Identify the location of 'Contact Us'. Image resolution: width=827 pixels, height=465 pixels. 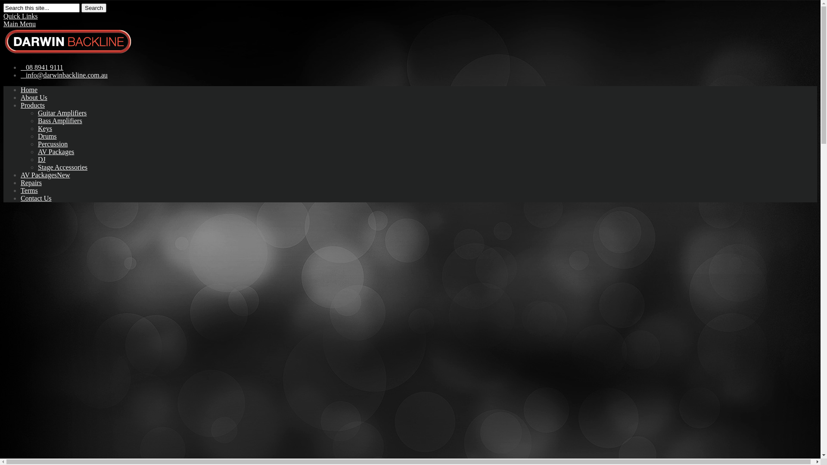
(35, 198).